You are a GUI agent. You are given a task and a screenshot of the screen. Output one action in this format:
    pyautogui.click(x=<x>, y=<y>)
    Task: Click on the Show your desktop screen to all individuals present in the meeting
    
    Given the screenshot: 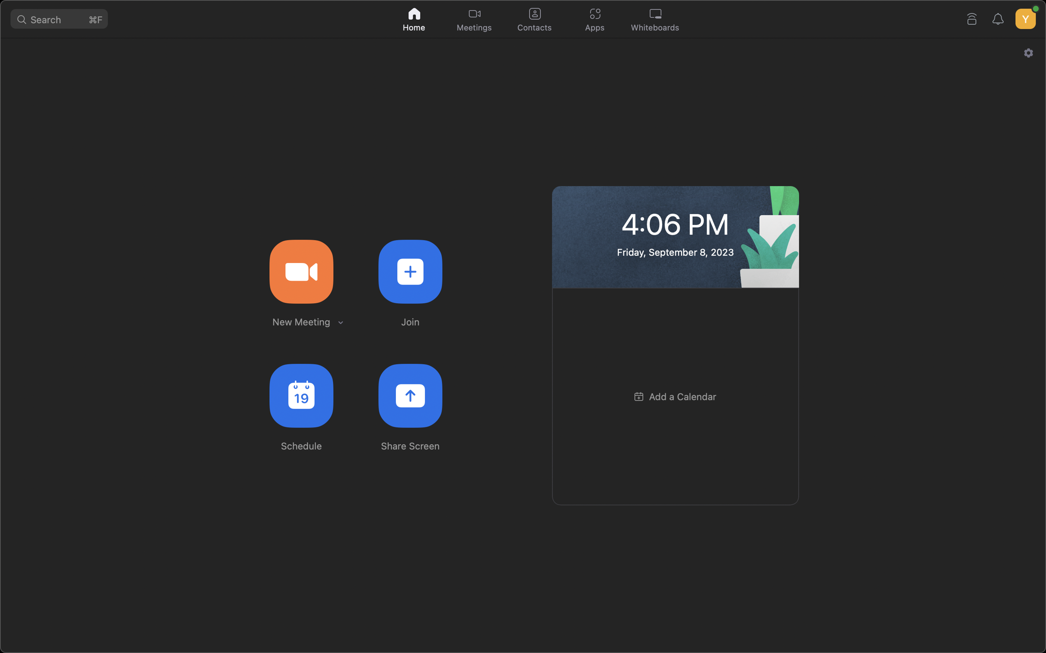 What is the action you would take?
    pyautogui.click(x=411, y=396)
    